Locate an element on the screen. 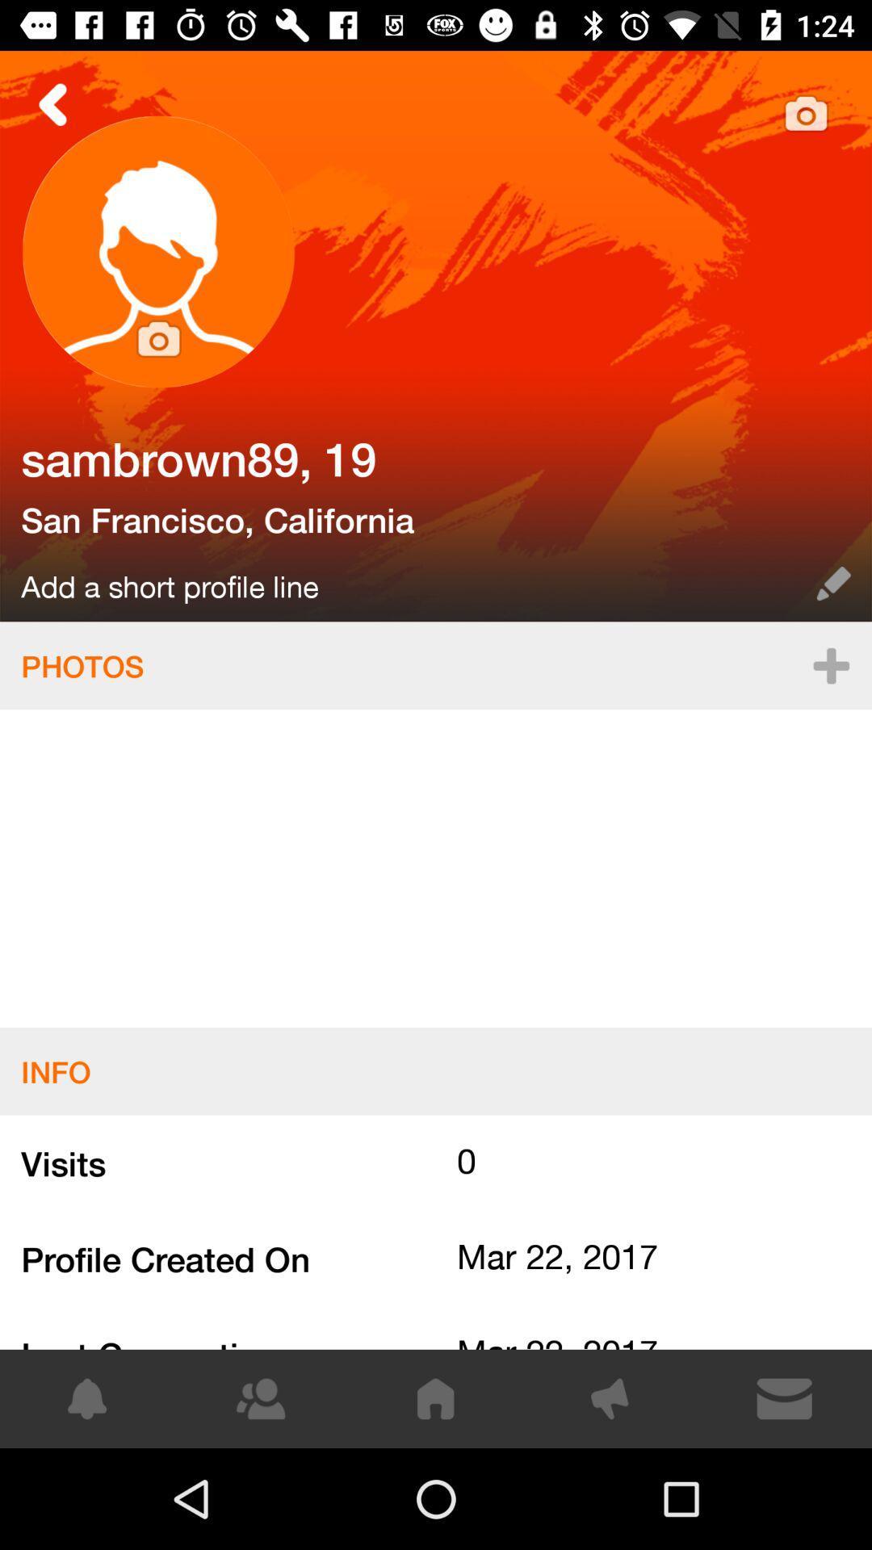 The width and height of the screenshot is (872, 1550). the item above the photos icon is located at coordinates (407, 583).